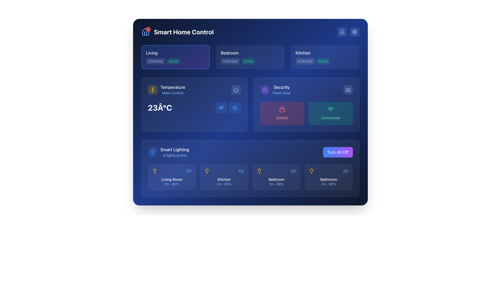  What do you see at coordinates (323, 61) in the screenshot?
I see `the 'Active' text label badge, which is a rectangular badge with rounded corners and a light emerald-green background, indicating the status in the kitchen section of the smart home interface` at bounding box center [323, 61].